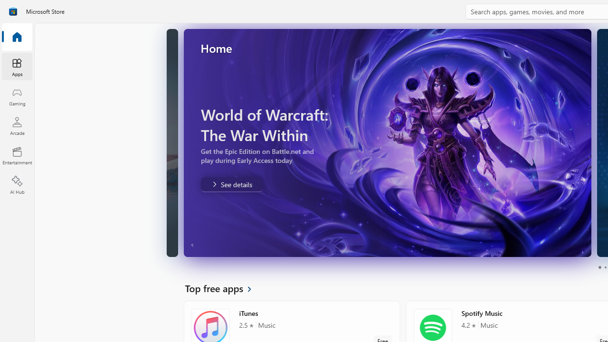 The image size is (608, 342). What do you see at coordinates (17, 185) in the screenshot?
I see `'AI Hub'` at bounding box center [17, 185].